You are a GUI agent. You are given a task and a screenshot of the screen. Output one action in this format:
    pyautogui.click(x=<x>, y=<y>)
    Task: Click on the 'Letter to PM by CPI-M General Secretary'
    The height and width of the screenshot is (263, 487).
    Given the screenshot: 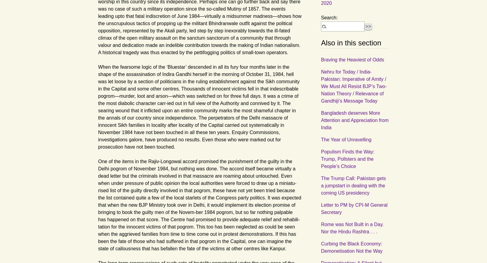 What is the action you would take?
    pyautogui.click(x=354, y=208)
    